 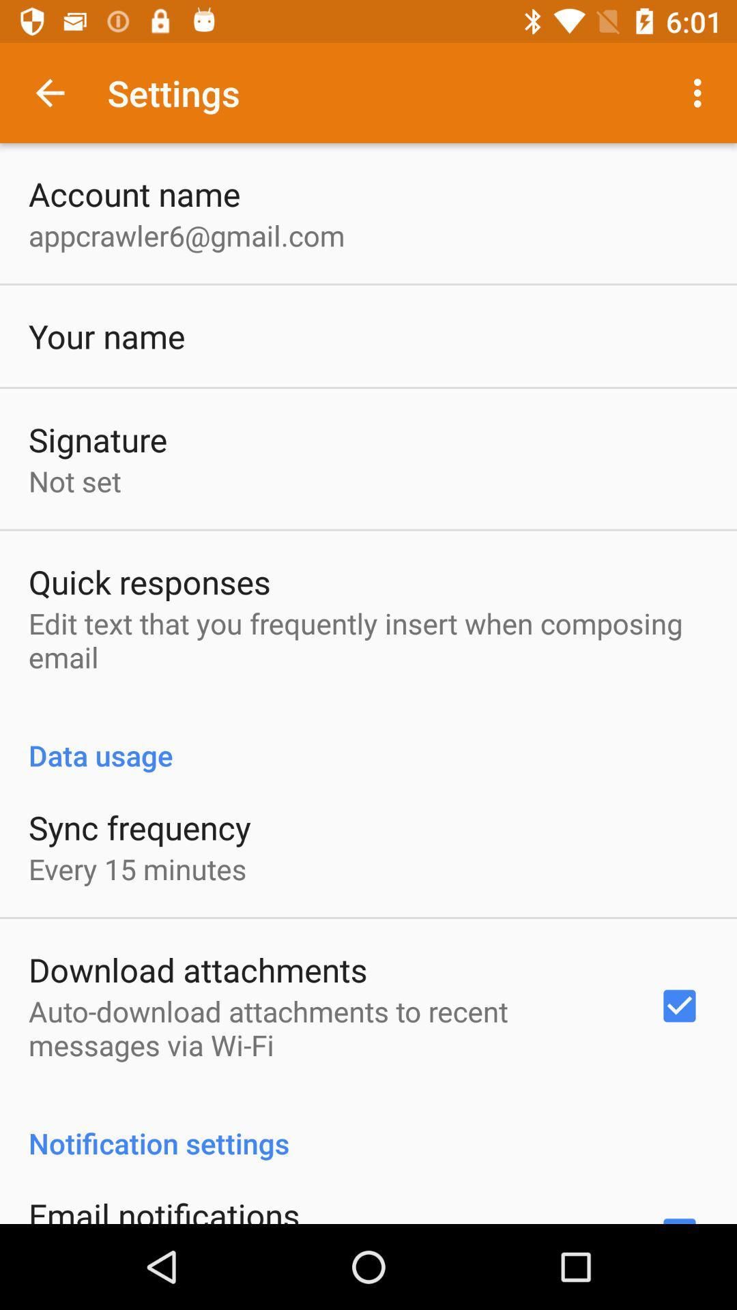 What do you see at coordinates (369, 1129) in the screenshot?
I see `the notification settings` at bounding box center [369, 1129].